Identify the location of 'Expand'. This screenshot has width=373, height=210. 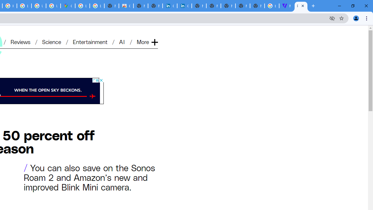
(154, 33).